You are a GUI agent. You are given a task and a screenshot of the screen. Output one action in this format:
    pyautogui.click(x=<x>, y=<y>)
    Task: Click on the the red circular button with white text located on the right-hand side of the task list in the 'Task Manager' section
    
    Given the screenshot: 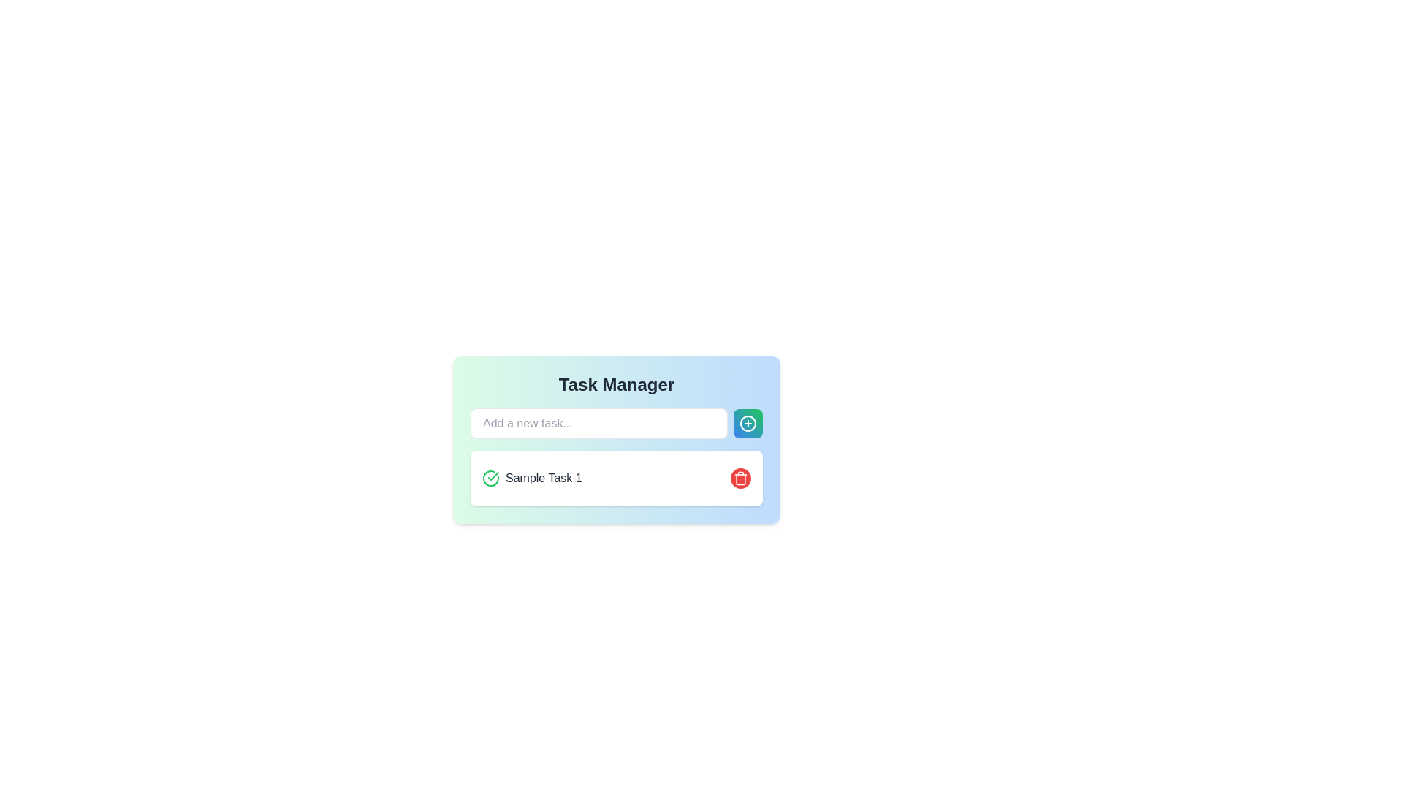 What is the action you would take?
    pyautogui.click(x=740, y=479)
    